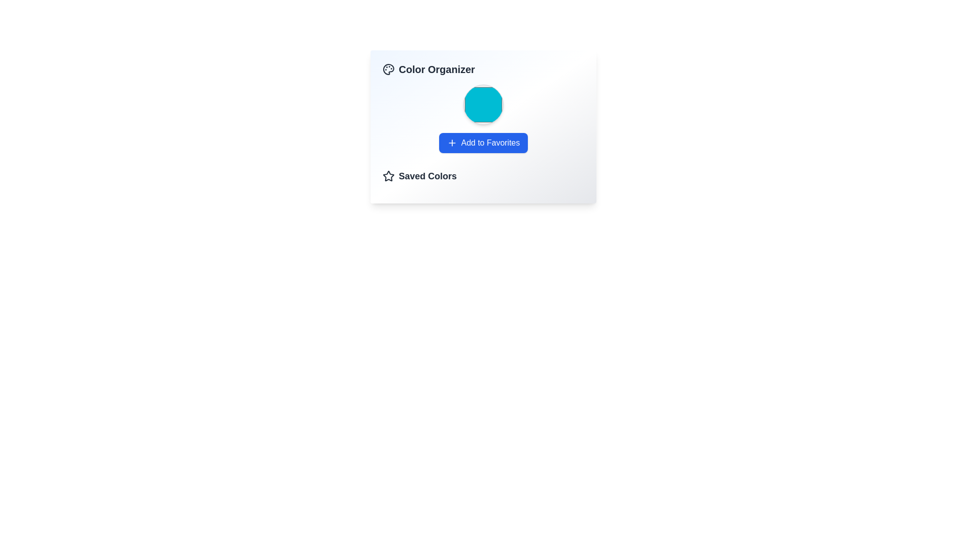  What do you see at coordinates (483, 176) in the screenshot?
I see `the section labeled` at bounding box center [483, 176].